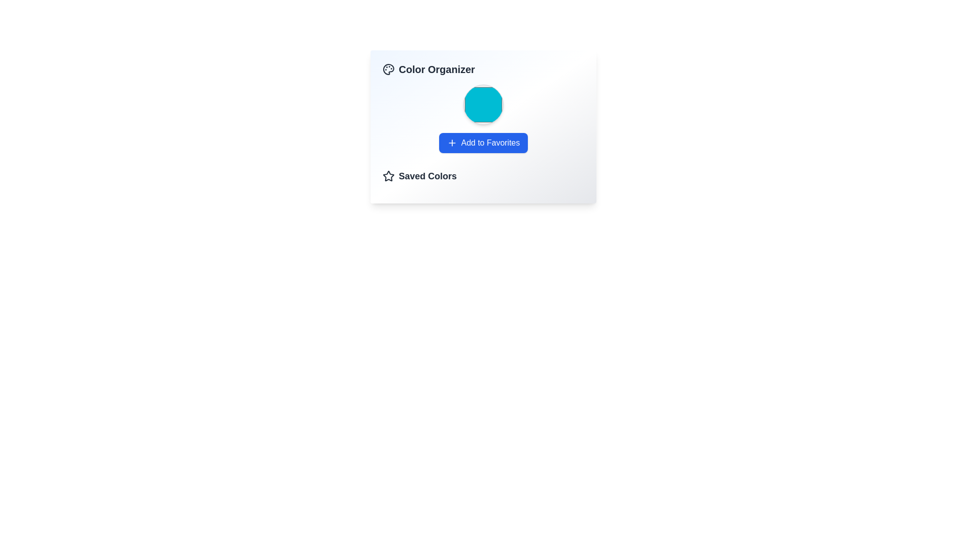  What do you see at coordinates (483, 176) in the screenshot?
I see `the section labeled` at bounding box center [483, 176].